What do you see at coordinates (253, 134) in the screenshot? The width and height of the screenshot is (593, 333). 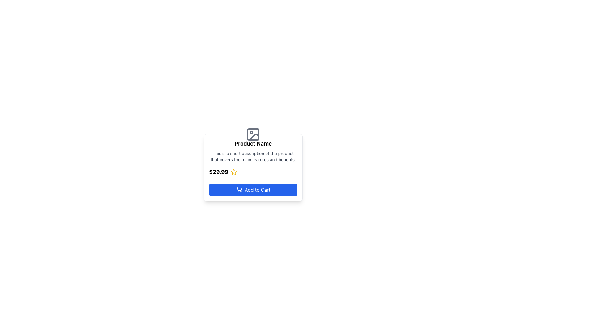 I see `the decorative graphic component inside the SVG, which is positioned at the top-left corner just above the 'Product Name' heading in the card layout` at bounding box center [253, 134].